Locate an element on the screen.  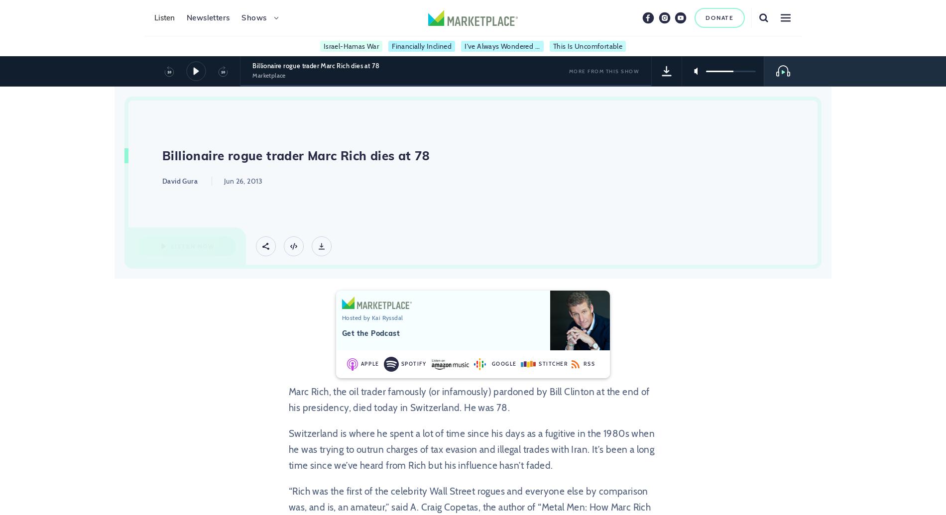
'Jun 26, 2013' is located at coordinates (243, 181).